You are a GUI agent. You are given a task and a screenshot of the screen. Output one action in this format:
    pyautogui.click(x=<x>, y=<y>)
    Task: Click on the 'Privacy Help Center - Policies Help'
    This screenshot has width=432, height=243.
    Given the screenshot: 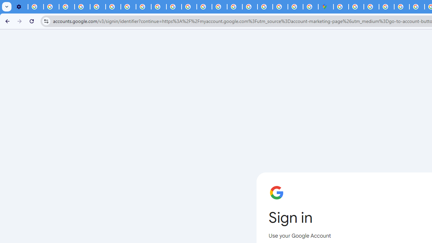 What is the action you would take?
    pyautogui.click(x=98, y=7)
    